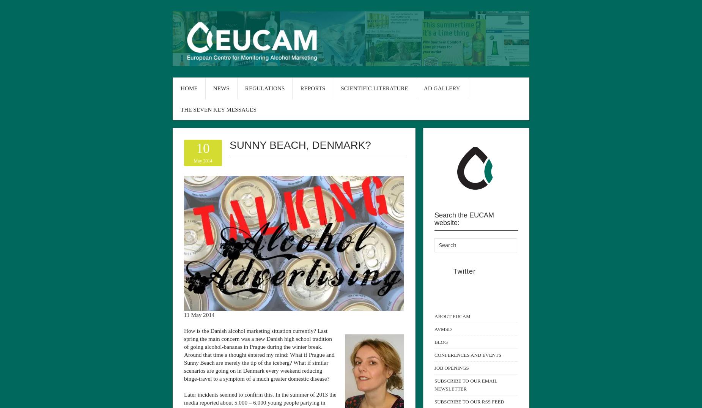  What do you see at coordinates (441, 341) in the screenshot?
I see `'BLOG'` at bounding box center [441, 341].